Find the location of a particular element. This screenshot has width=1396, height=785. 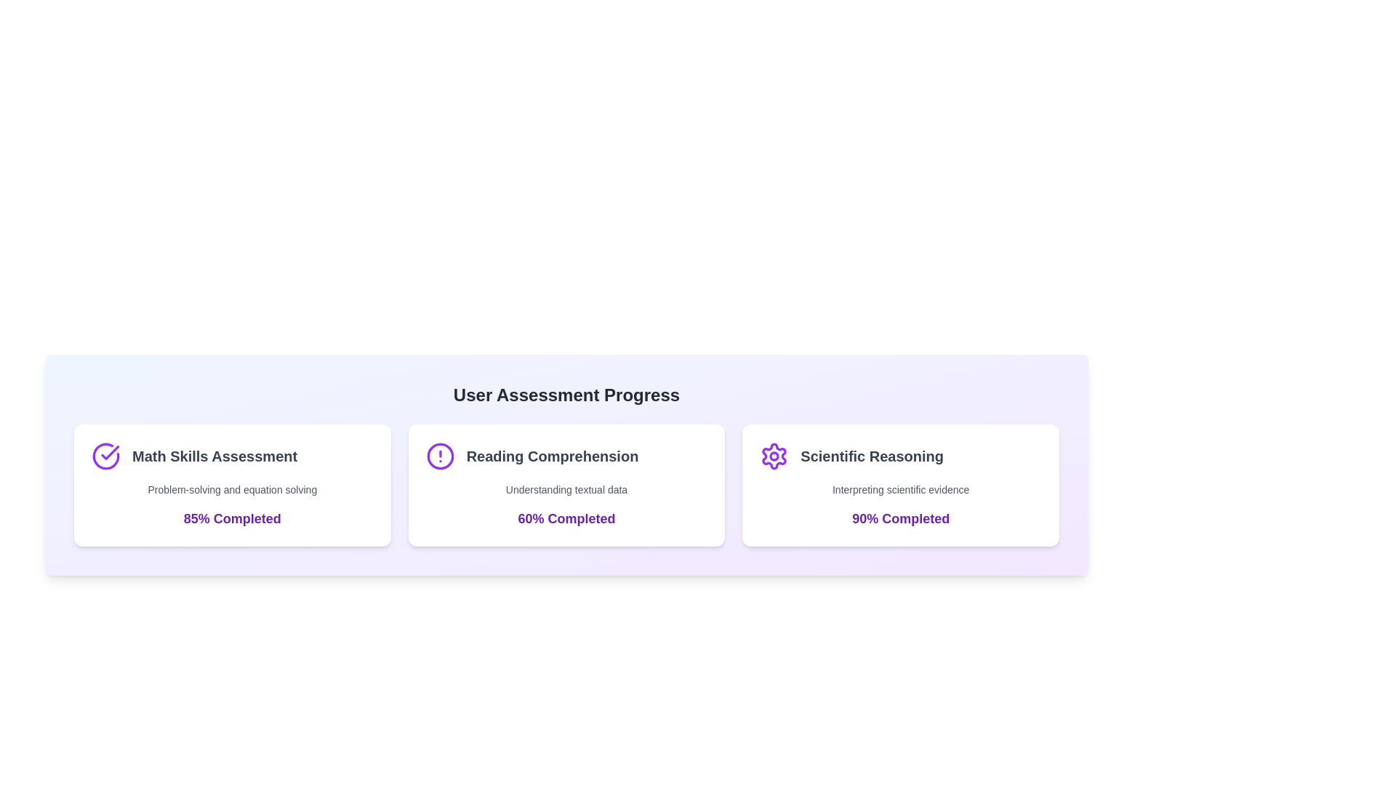

the 'Scientific Reasoning' text label, which is the third title under 'User Assessment Progress' and is positioned to the right of 'Reading Comprehension' is located at coordinates (872, 456).